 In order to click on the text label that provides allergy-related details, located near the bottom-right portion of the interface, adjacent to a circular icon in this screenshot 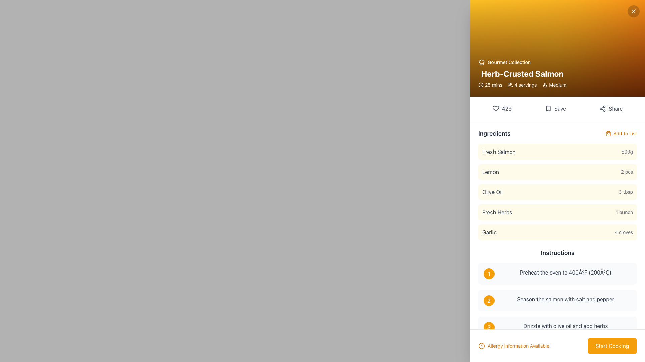, I will do `click(518, 346)`.